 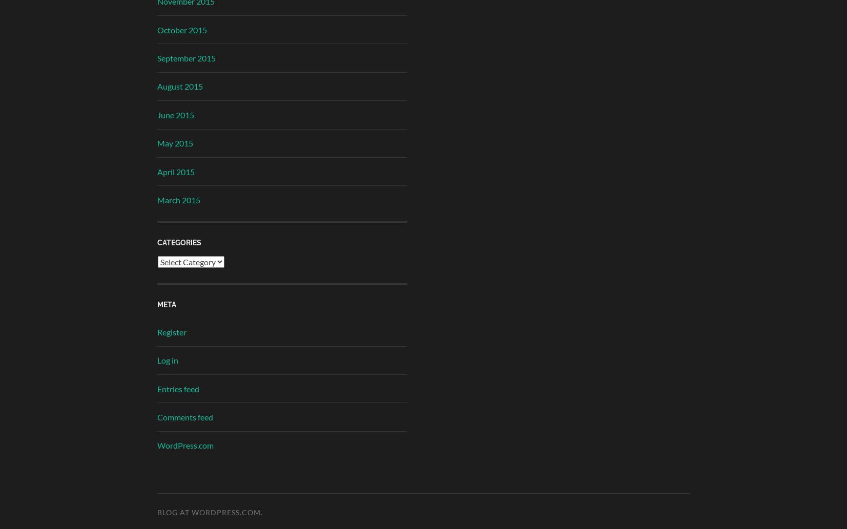 What do you see at coordinates (184, 416) in the screenshot?
I see `'Comments feed'` at bounding box center [184, 416].